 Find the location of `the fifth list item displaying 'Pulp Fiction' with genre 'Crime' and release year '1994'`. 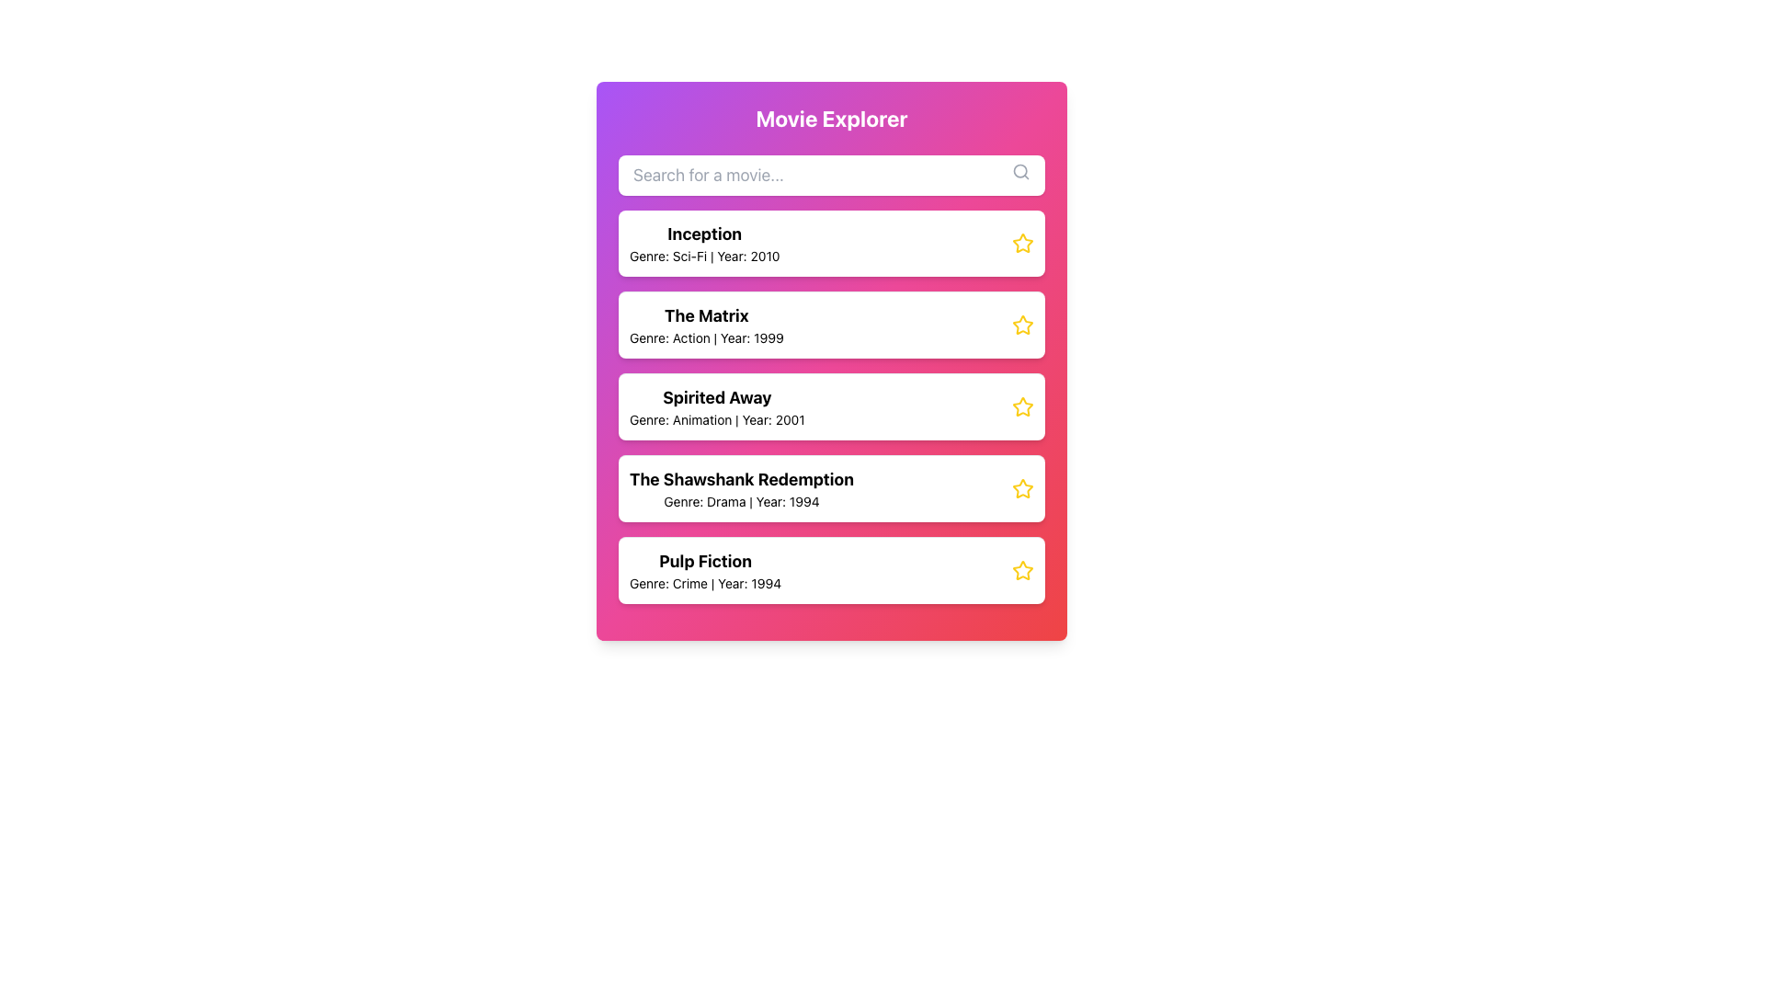

the fifth list item displaying 'Pulp Fiction' with genre 'Crime' and release year '1994' is located at coordinates (704, 570).